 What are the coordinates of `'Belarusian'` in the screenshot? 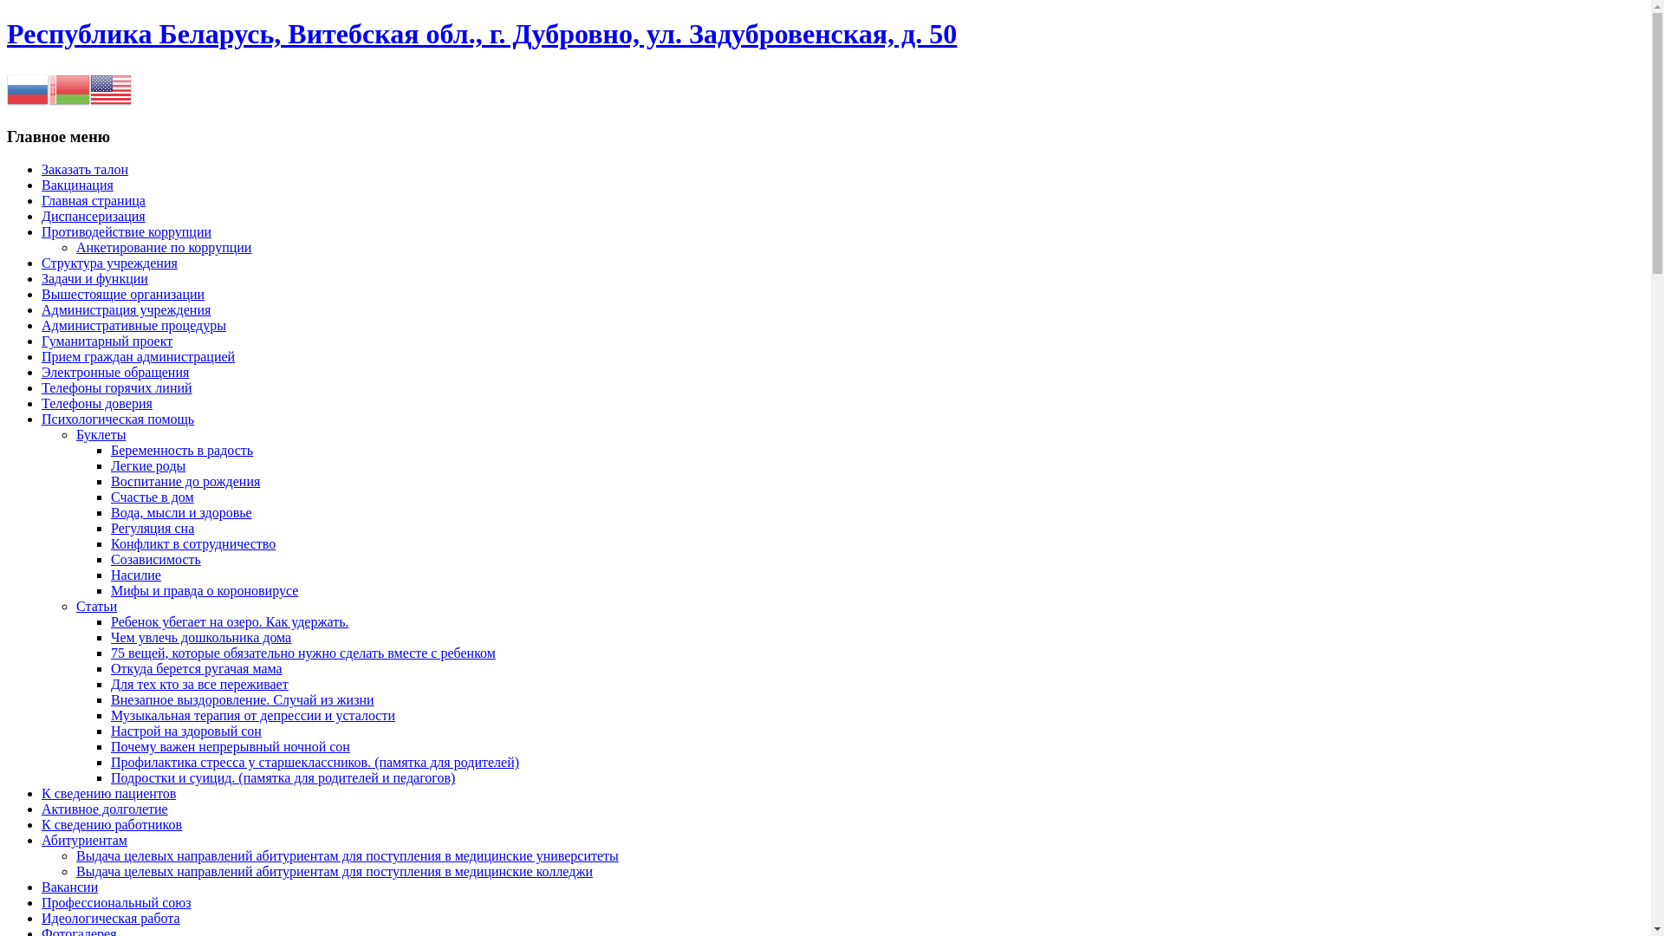 It's located at (69, 88).